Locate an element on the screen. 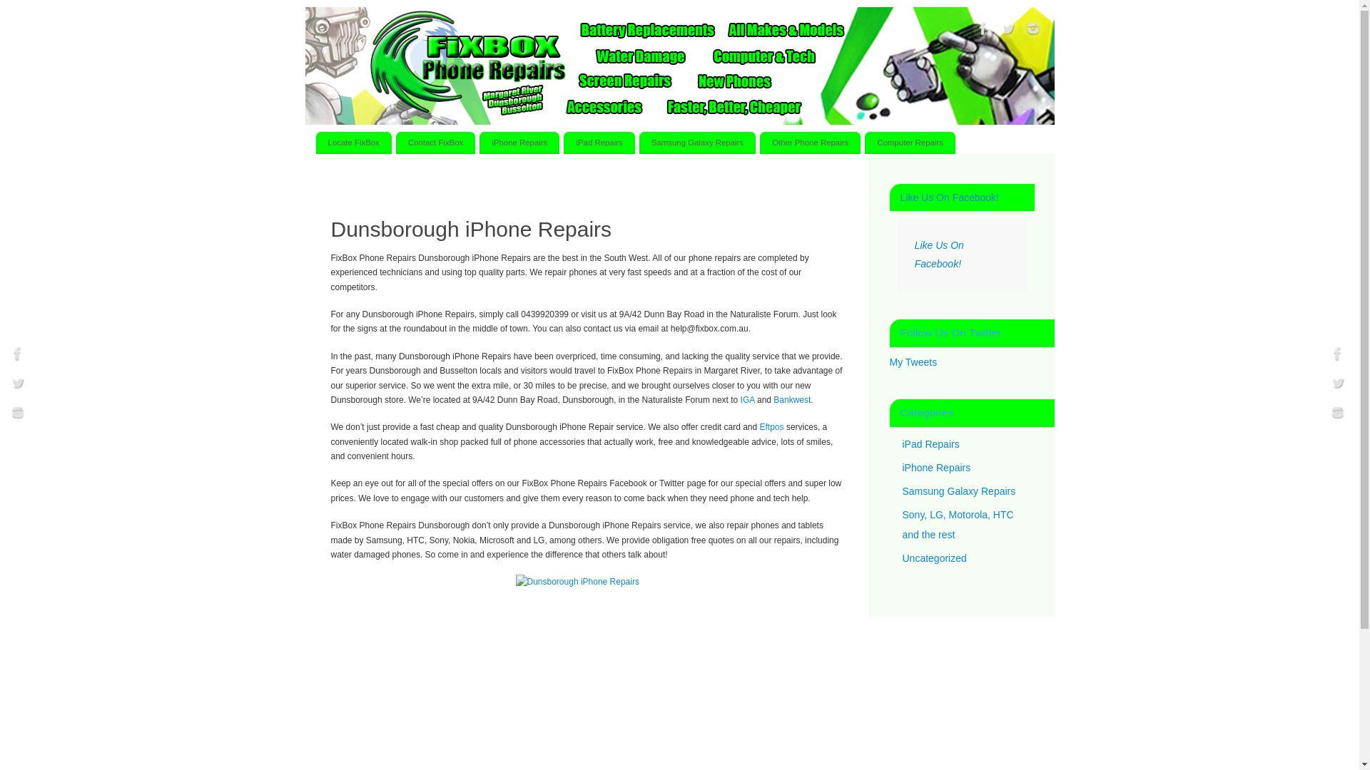 This screenshot has height=770, width=1370. 'Eftpos' is located at coordinates (771, 426).